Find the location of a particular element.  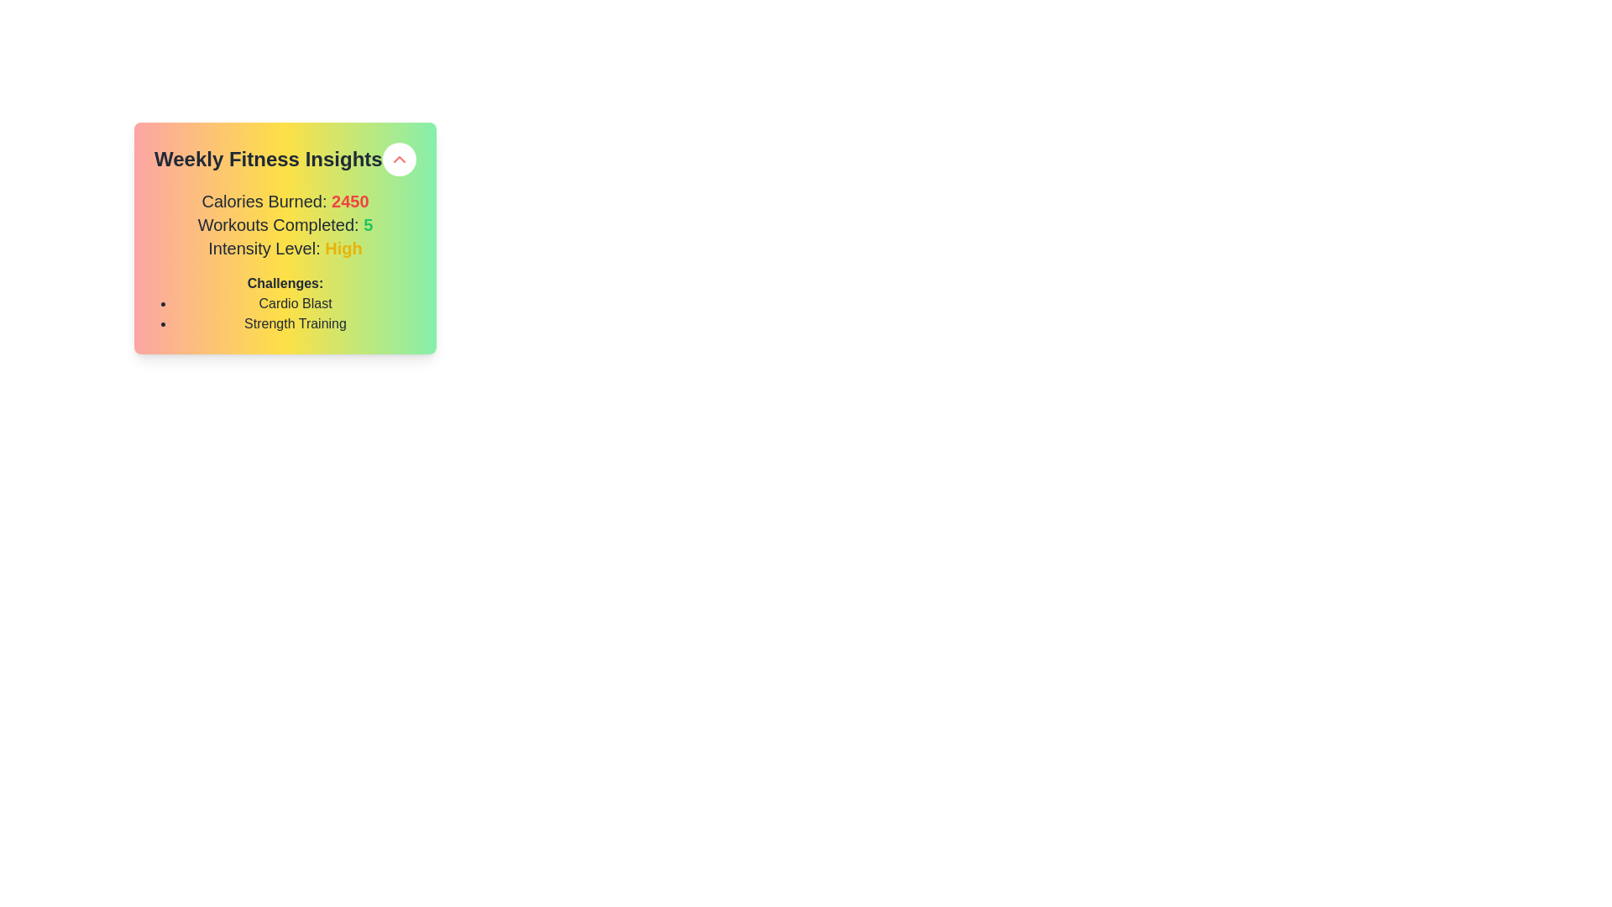

the numeric value '2450' displayed in bold red font within the text string 'Calories Burned: 2450' on the colorful gradient background of the 'Weekly Fitness Insights' card is located at coordinates (349, 200).